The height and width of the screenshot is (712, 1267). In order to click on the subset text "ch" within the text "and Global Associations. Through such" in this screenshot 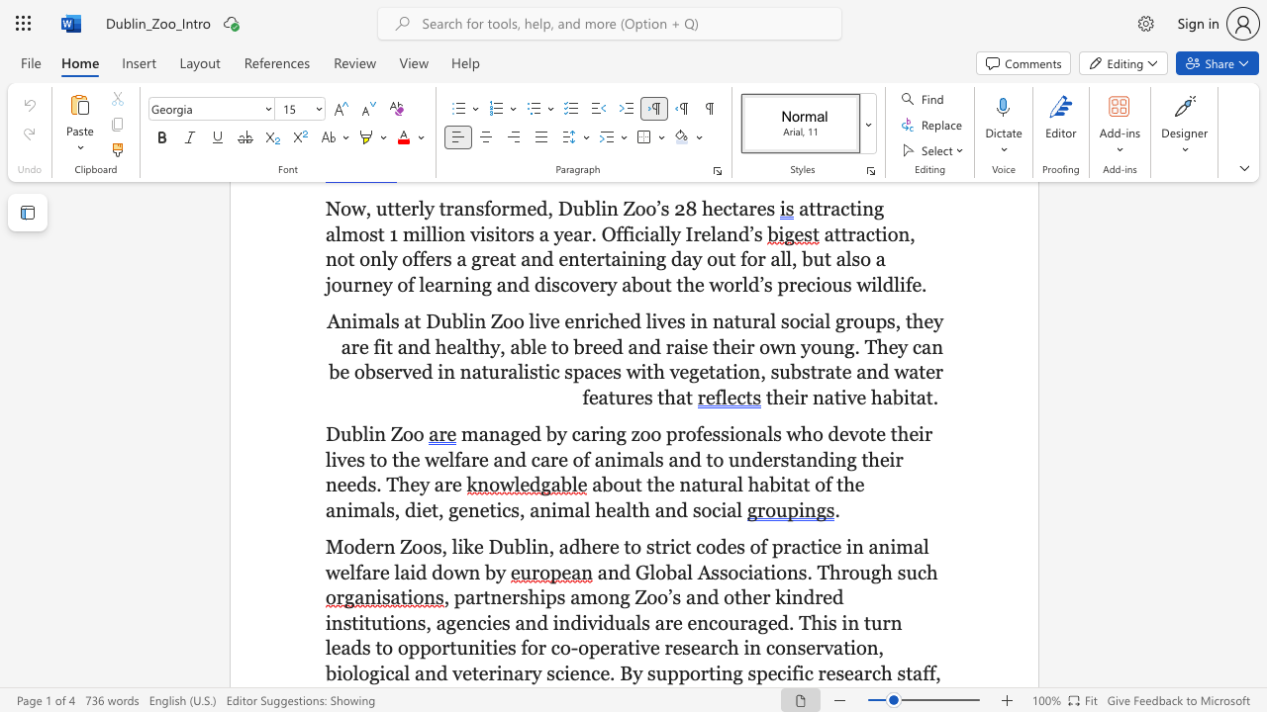, I will do `click(916, 572)`.